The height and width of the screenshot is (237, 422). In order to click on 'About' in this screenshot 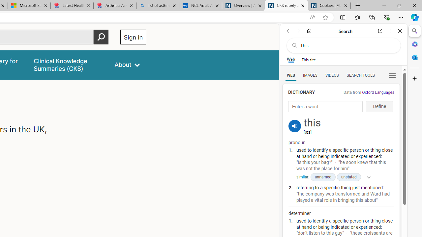, I will do `click(127, 65)`.